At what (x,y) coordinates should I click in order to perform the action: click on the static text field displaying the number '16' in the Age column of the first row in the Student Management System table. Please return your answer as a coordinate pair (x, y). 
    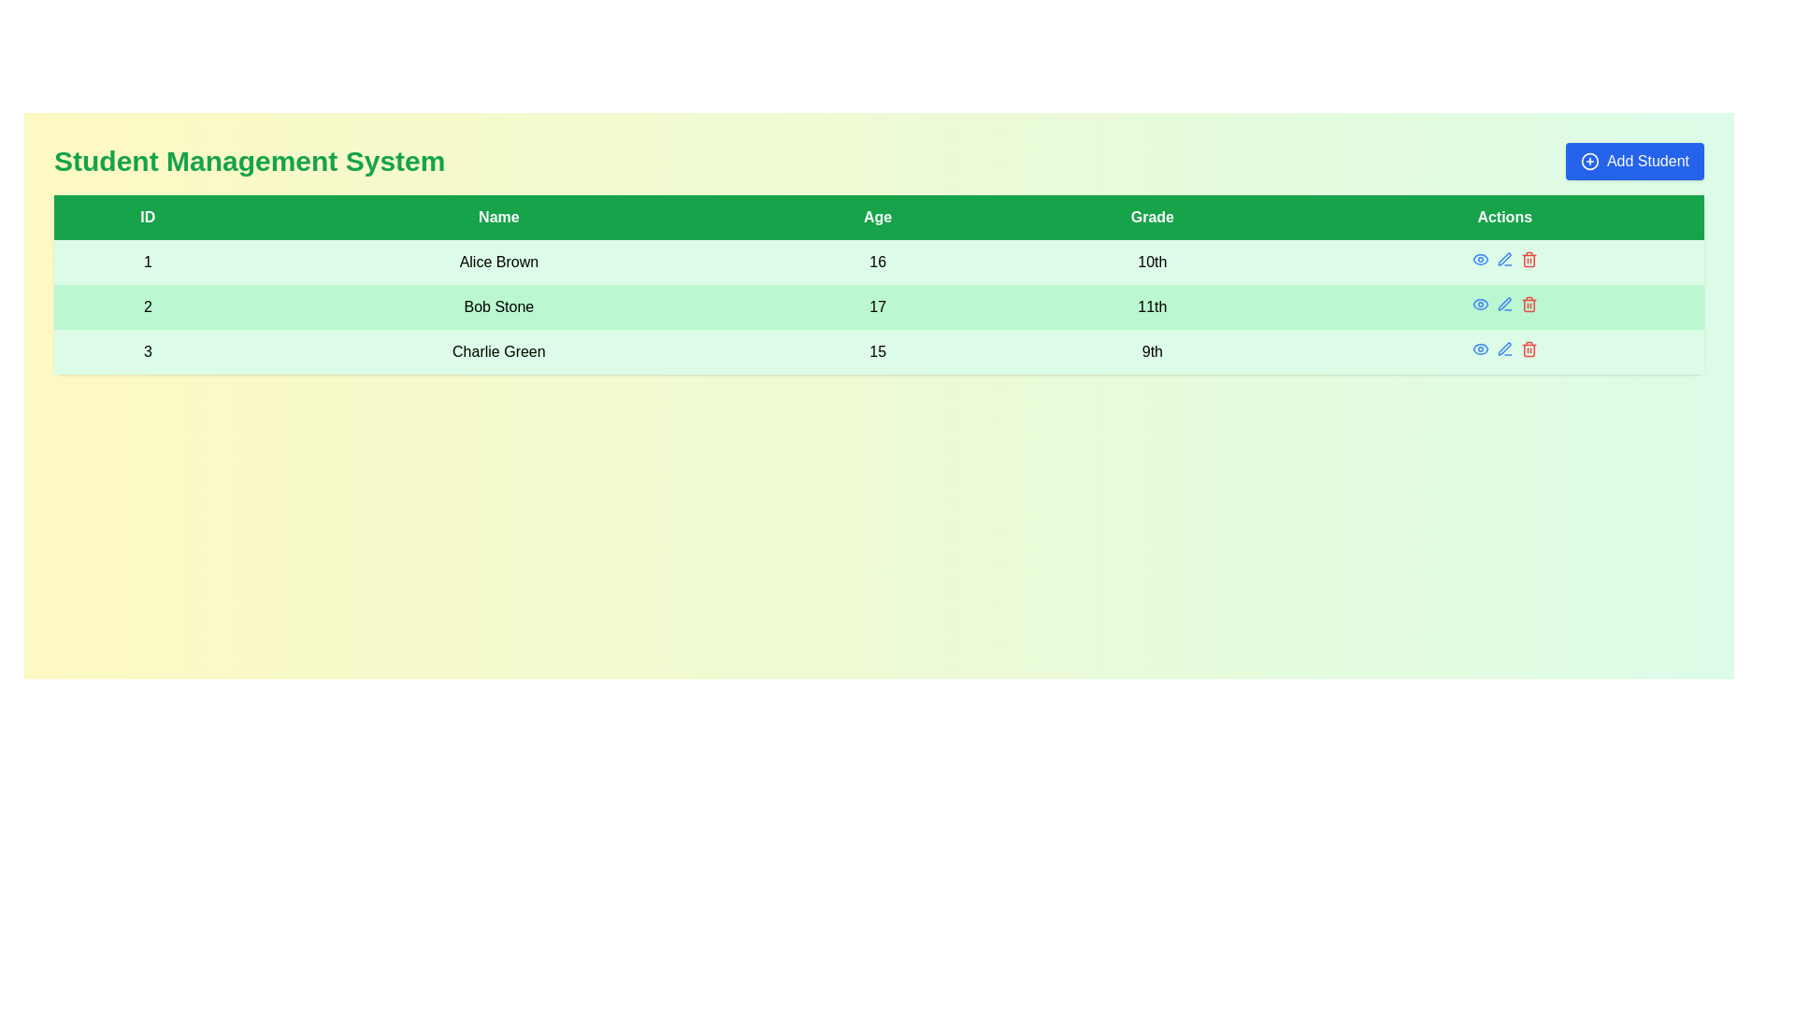
    Looking at the image, I should click on (877, 263).